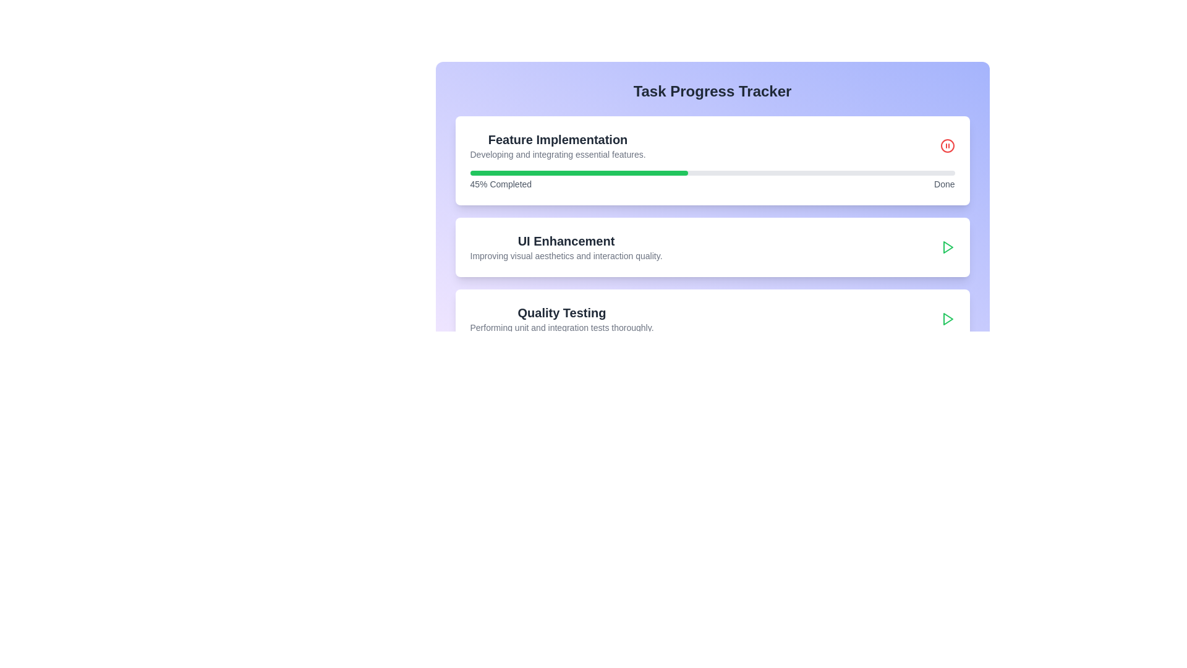  Describe the element at coordinates (947, 319) in the screenshot. I see `the triangular green play button located at the right end of the 'UI Enhancement' task row` at that location.